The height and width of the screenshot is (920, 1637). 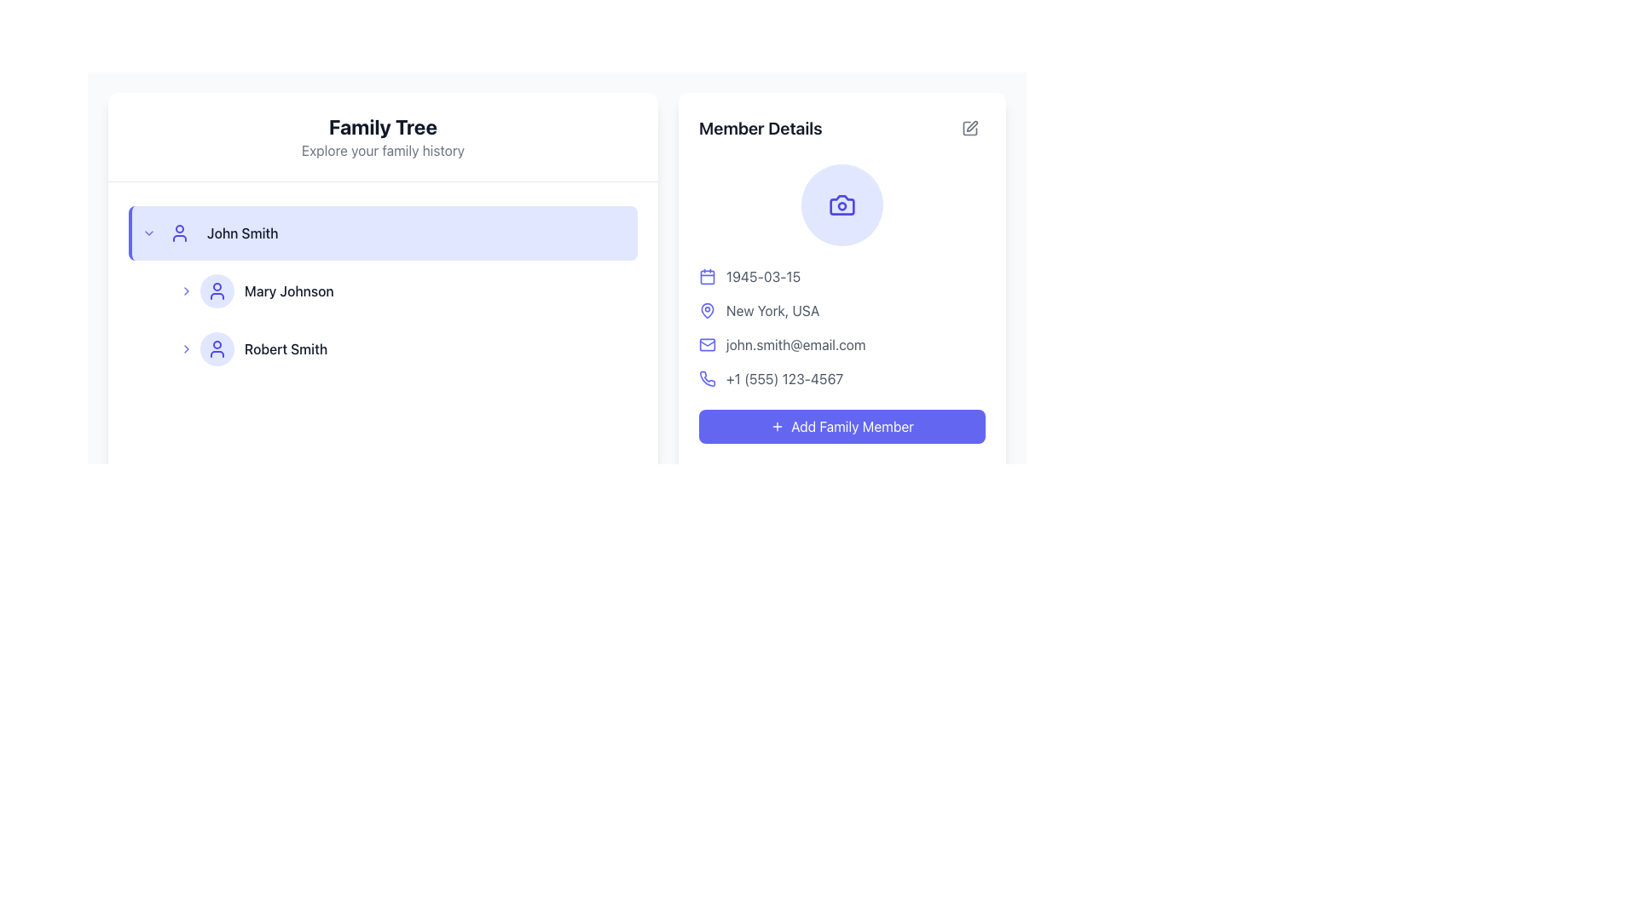 I want to click on the calendar icon that represents the date '1945-03-15' in the 'Member Details' section, positioned on the left side of the date text, so click(x=708, y=275).